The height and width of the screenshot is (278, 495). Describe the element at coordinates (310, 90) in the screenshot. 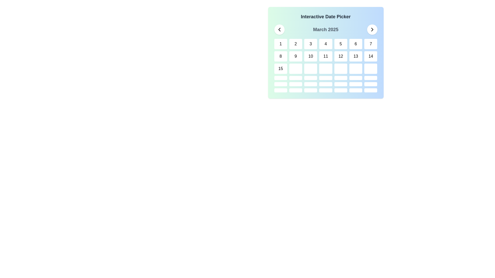

I see `the rectangular button with a white background and rounded corners in the 'Interactive Date Picker' for March 2025, located in the bottom row, column 3` at that location.